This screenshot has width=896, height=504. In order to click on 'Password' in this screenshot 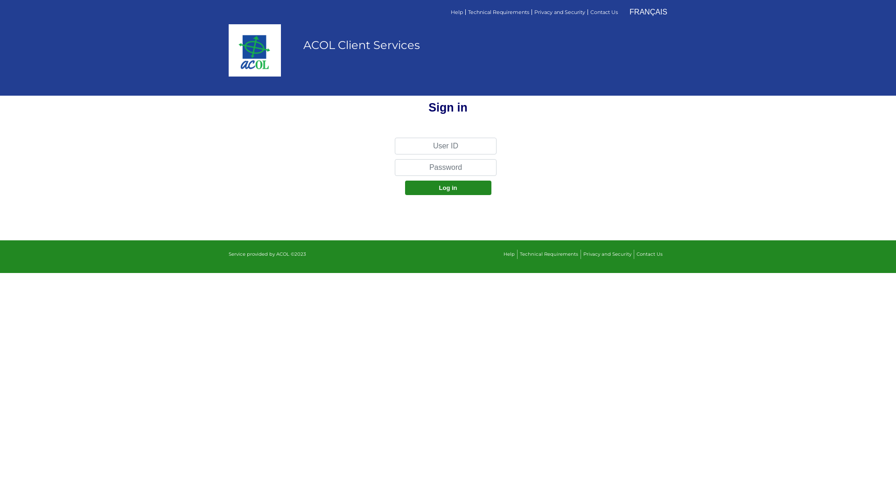, I will do `click(394, 167)`.